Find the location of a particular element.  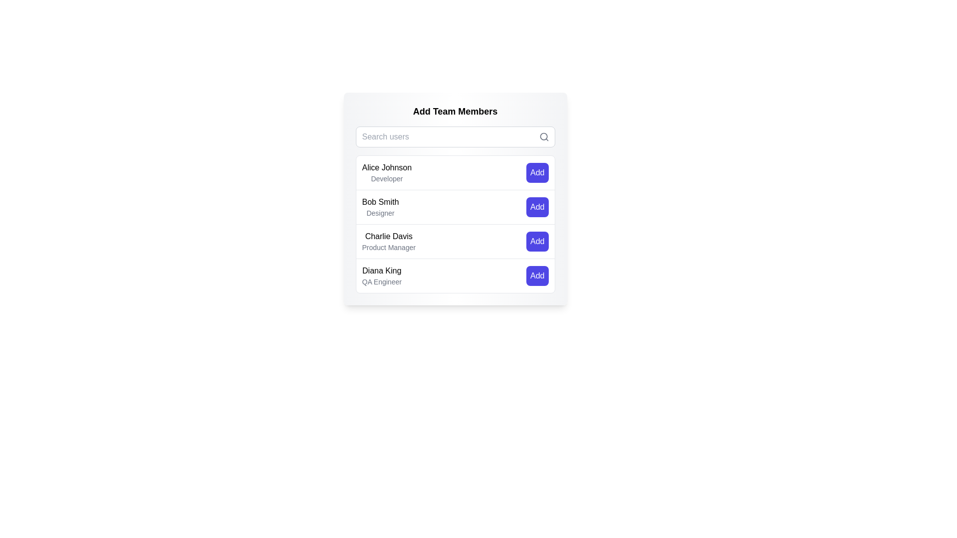

the static text label displaying 'Bob Smith', which is positioned vertically above the designation 'Designer' is located at coordinates (380, 202).